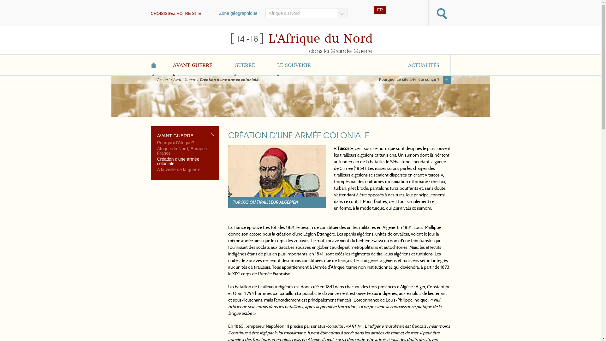 Image resolution: width=606 pixels, height=341 pixels. I want to click on 'LE SOUVENIR', so click(293, 65).